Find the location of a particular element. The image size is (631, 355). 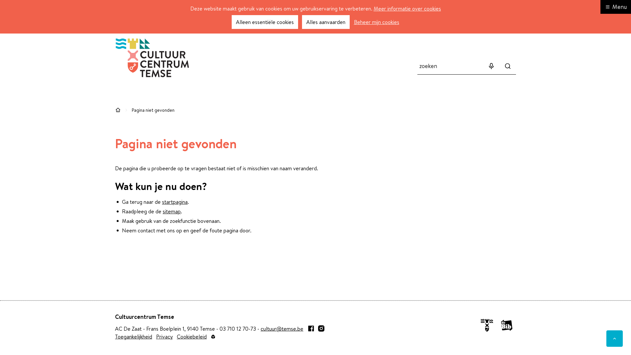

'Naar top' is located at coordinates (614, 338).